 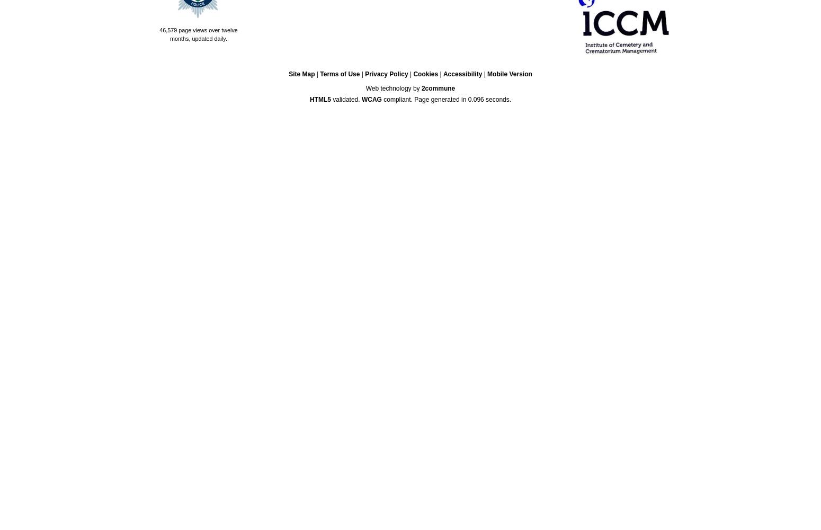 What do you see at coordinates (198, 34) in the screenshot?
I see `'46,579 page views over twelve months, updated daily.'` at bounding box center [198, 34].